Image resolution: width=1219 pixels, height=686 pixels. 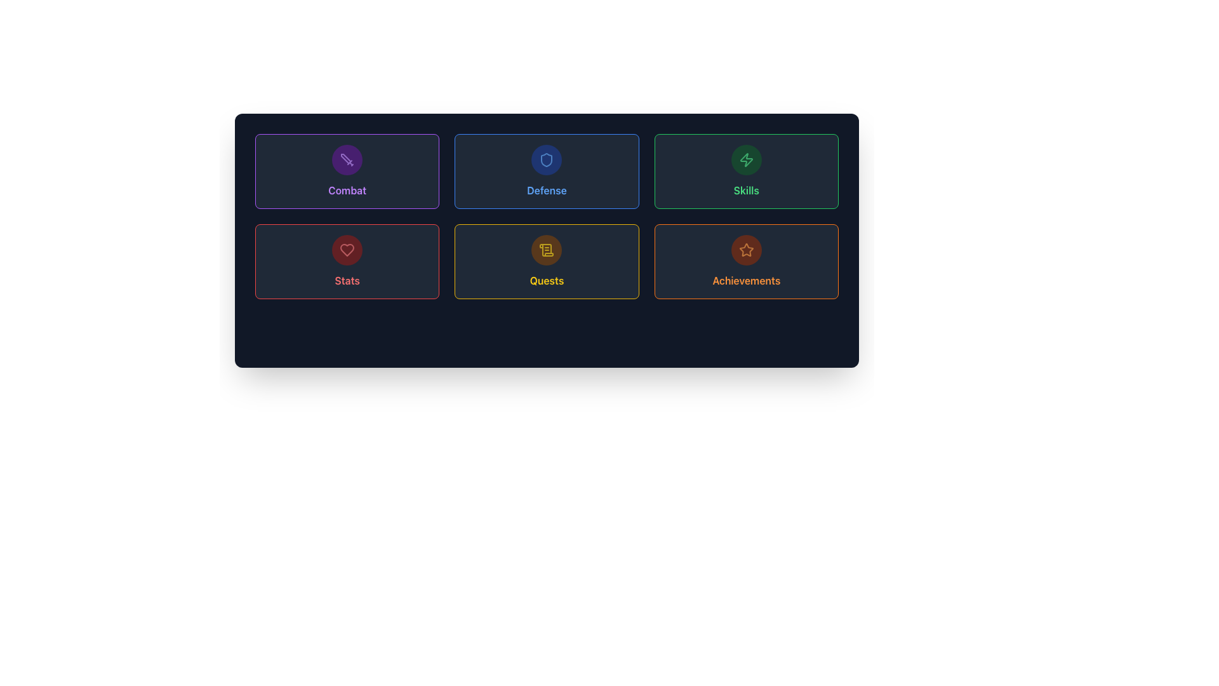 I want to click on the circular button with a brown background and yellow border containing a yellow scroll icon for keyboard interactions, so click(x=547, y=250).